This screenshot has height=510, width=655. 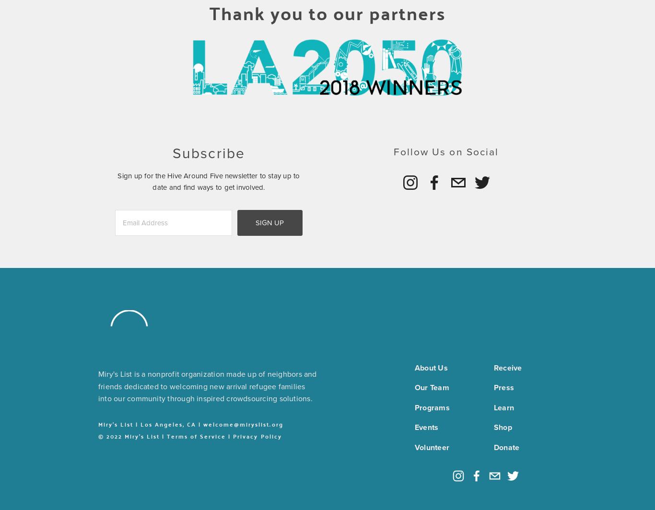 I want to click on 'Sign Up', so click(x=269, y=222).